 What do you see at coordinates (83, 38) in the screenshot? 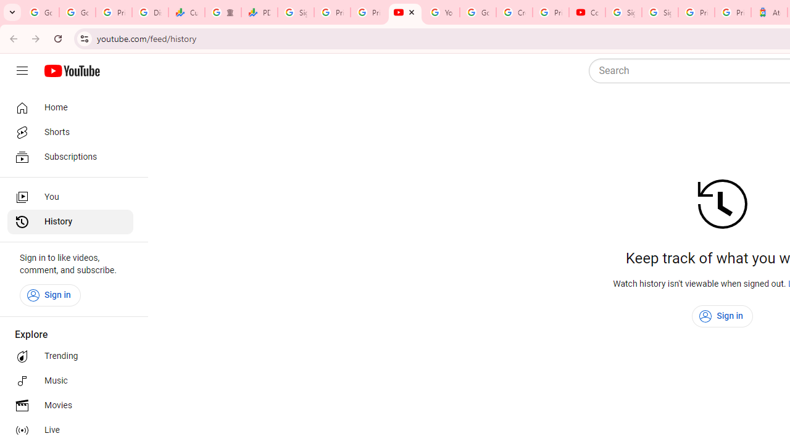
I see `'View site information'` at bounding box center [83, 38].